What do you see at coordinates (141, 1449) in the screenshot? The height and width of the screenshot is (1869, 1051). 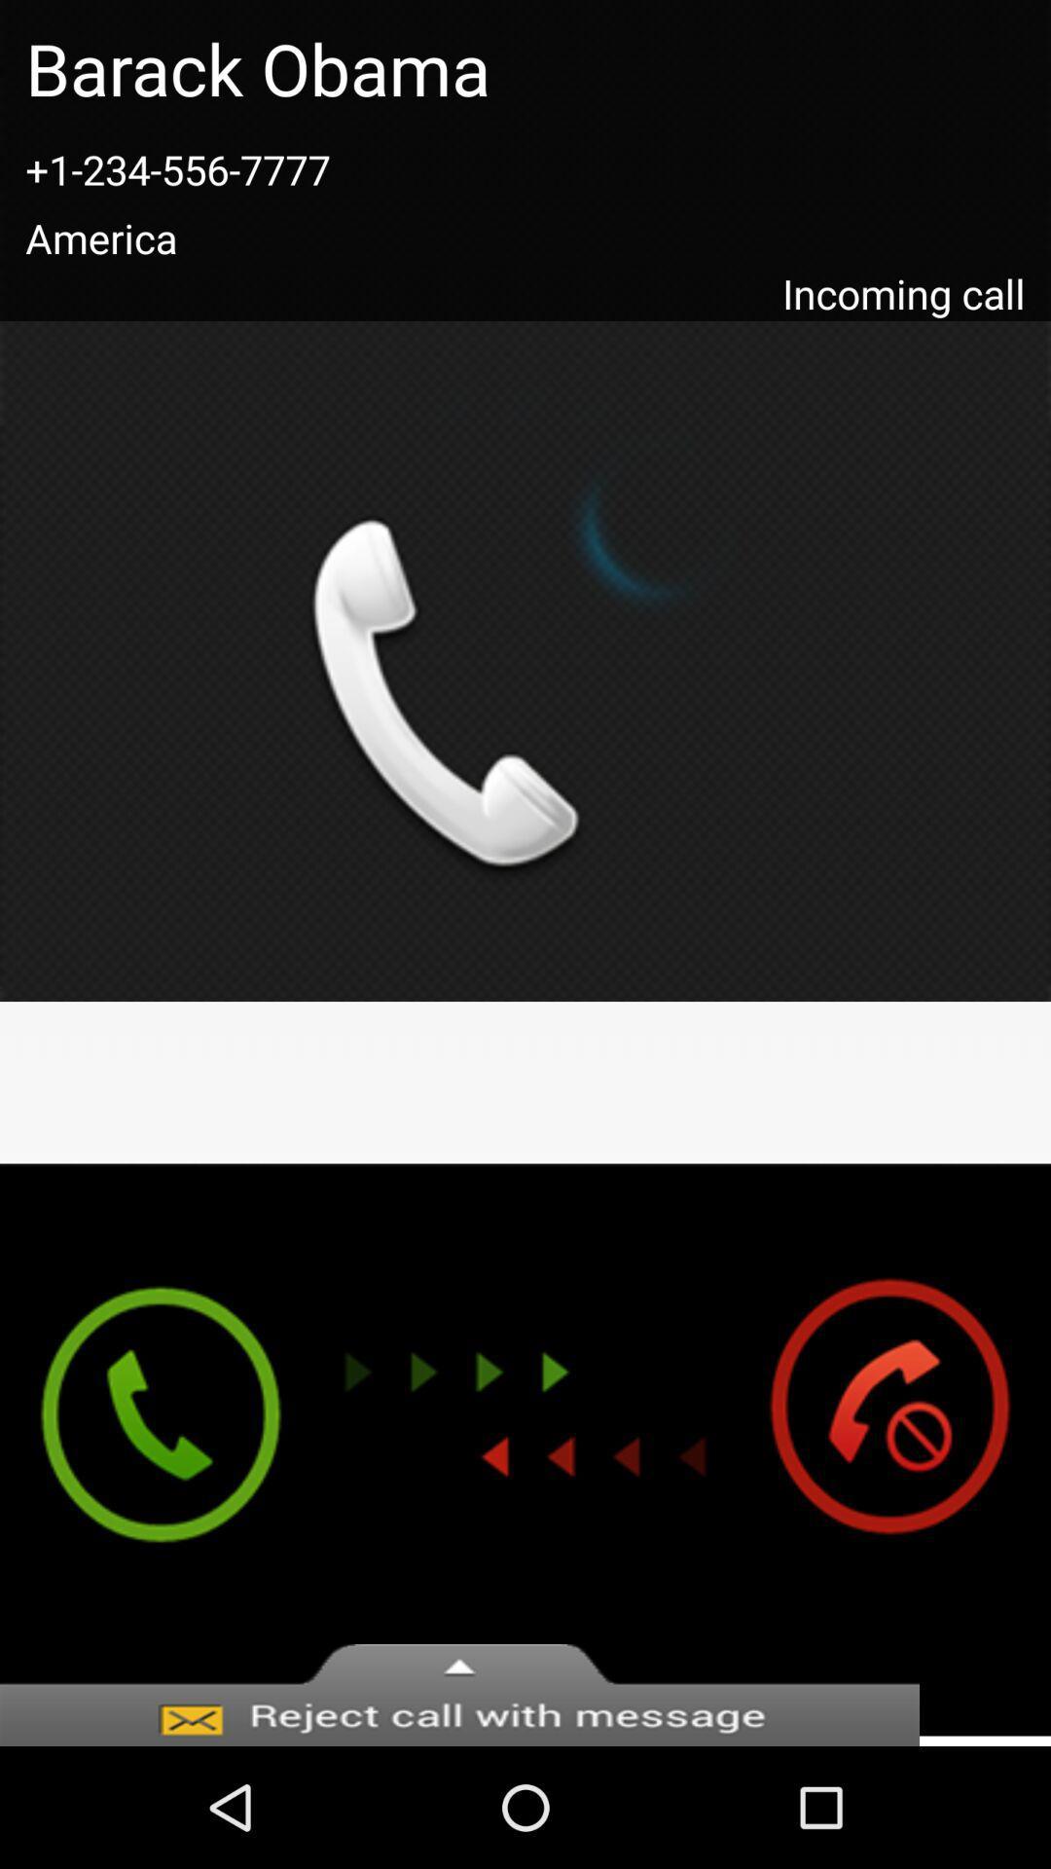 I see `the icon at the bottom left corner` at bounding box center [141, 1449].